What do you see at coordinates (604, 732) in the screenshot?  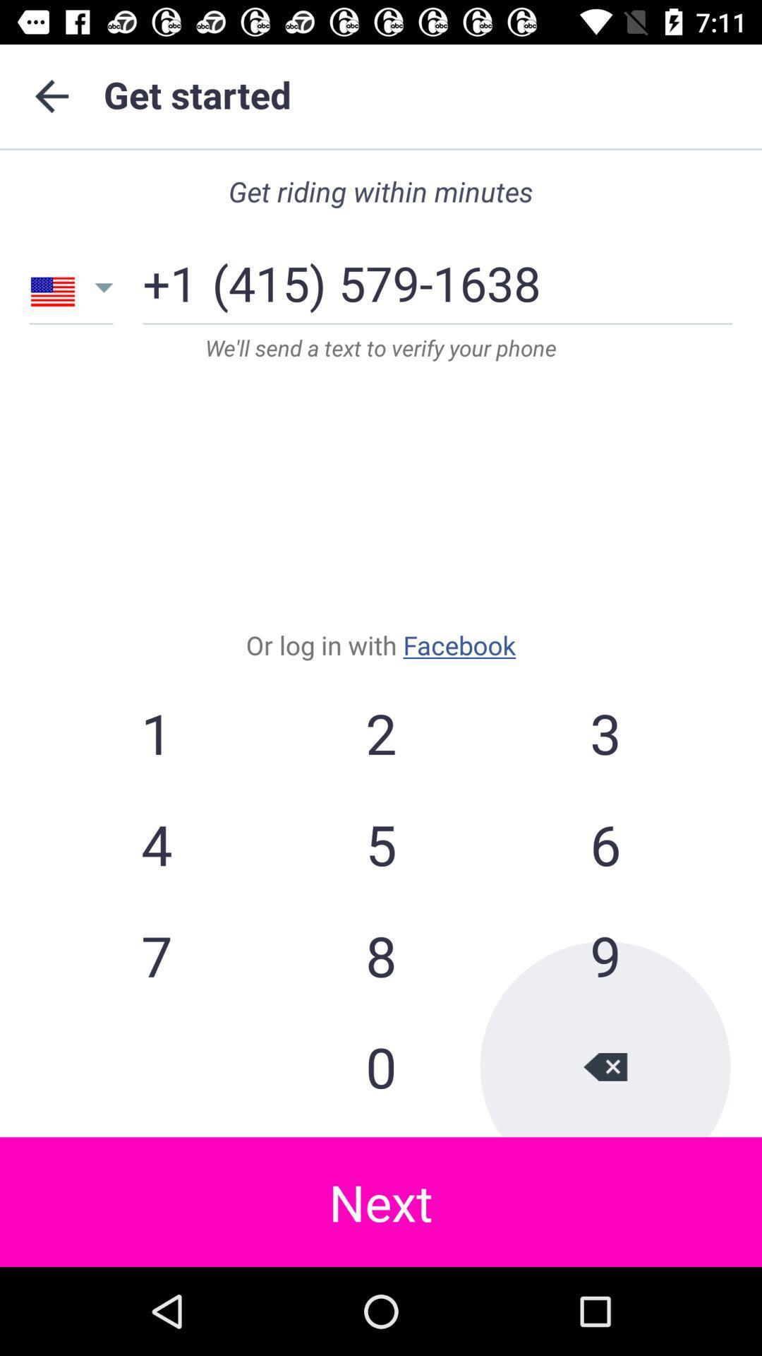 I see `item above 5` at bounding box center [604, 732].